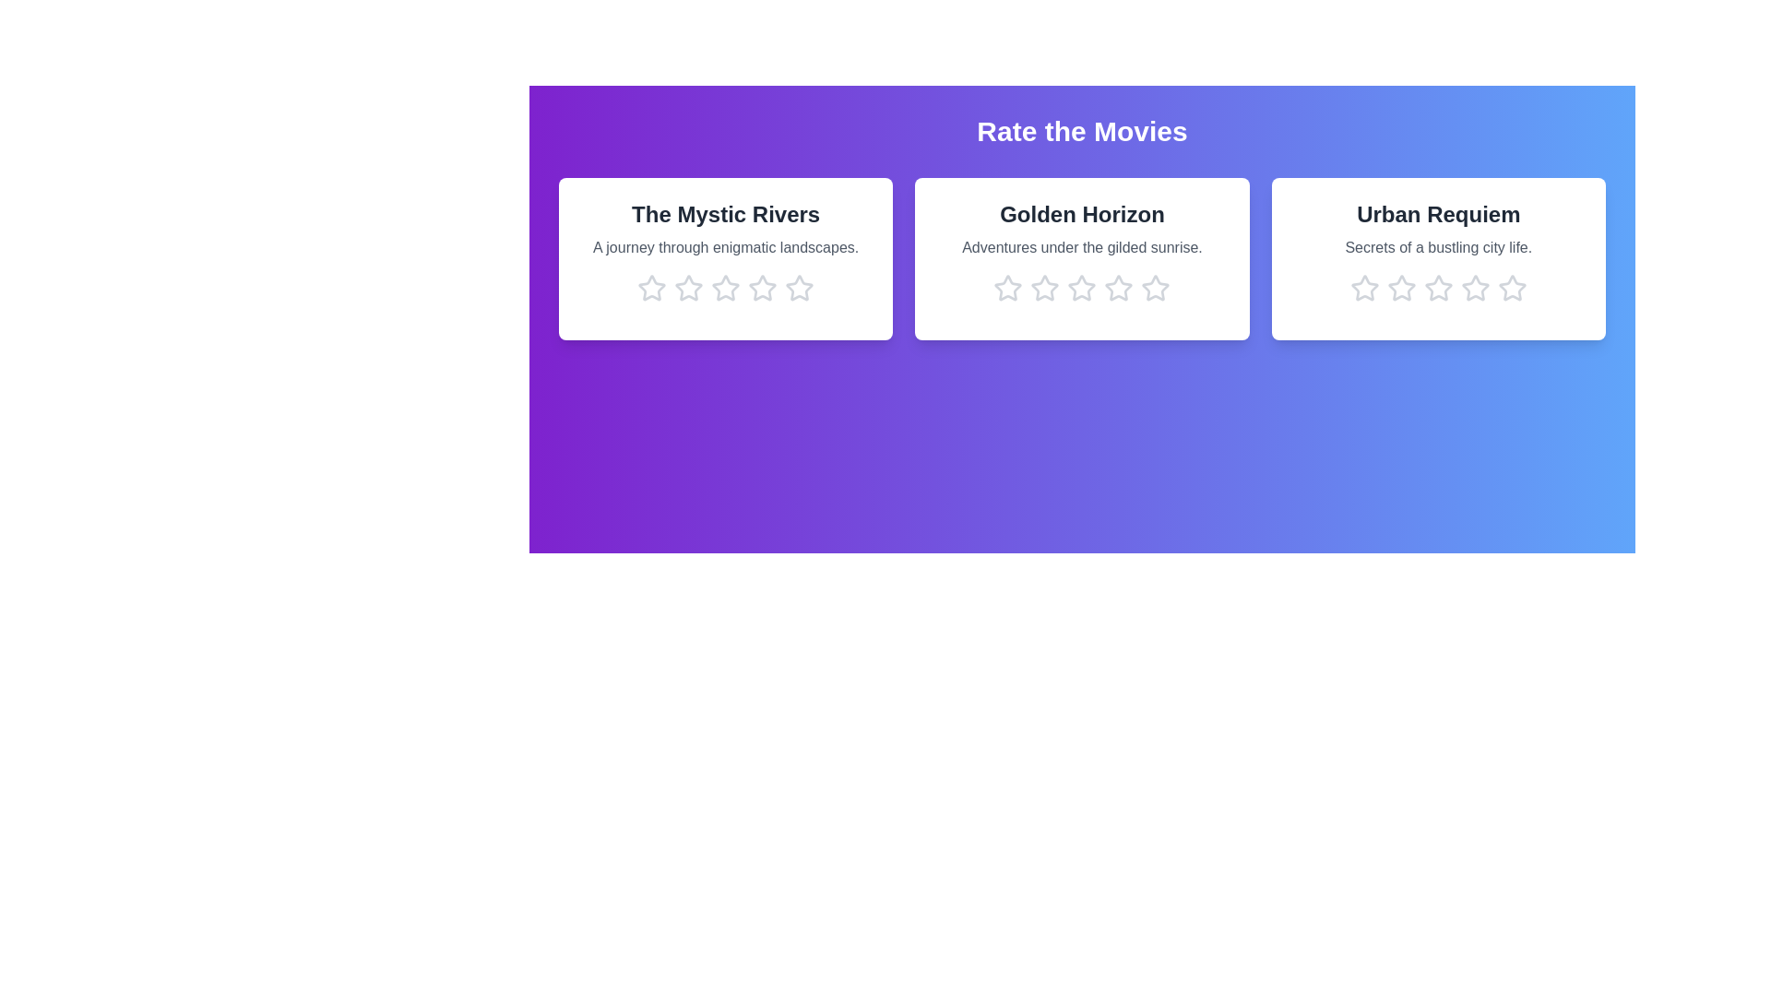  What do you see at coordinates (1045, 288) in the screenshot?
I see `the star corresponding to 2 stars in the movie card titled 'Golden Horizon'` at bounding box center [1045, 288].